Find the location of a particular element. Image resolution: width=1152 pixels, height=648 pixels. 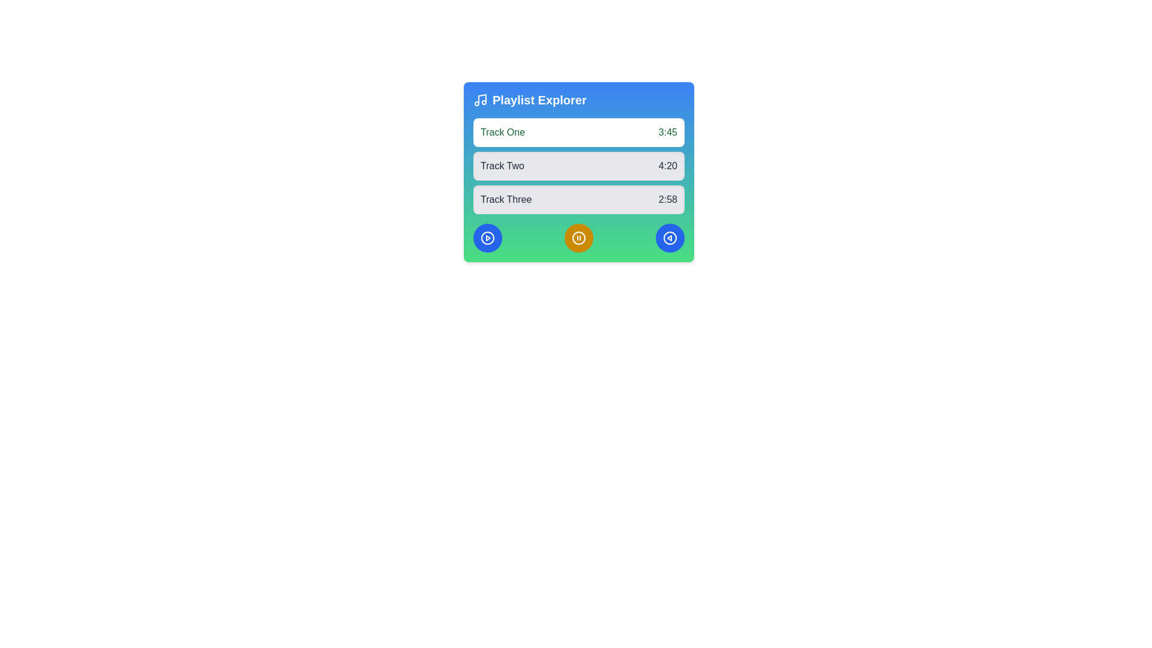

the static text label displaying the title of the third track in the playlist, which is located in the third row of a vertically arranged list of tracks is located at coordinates (506, 199).